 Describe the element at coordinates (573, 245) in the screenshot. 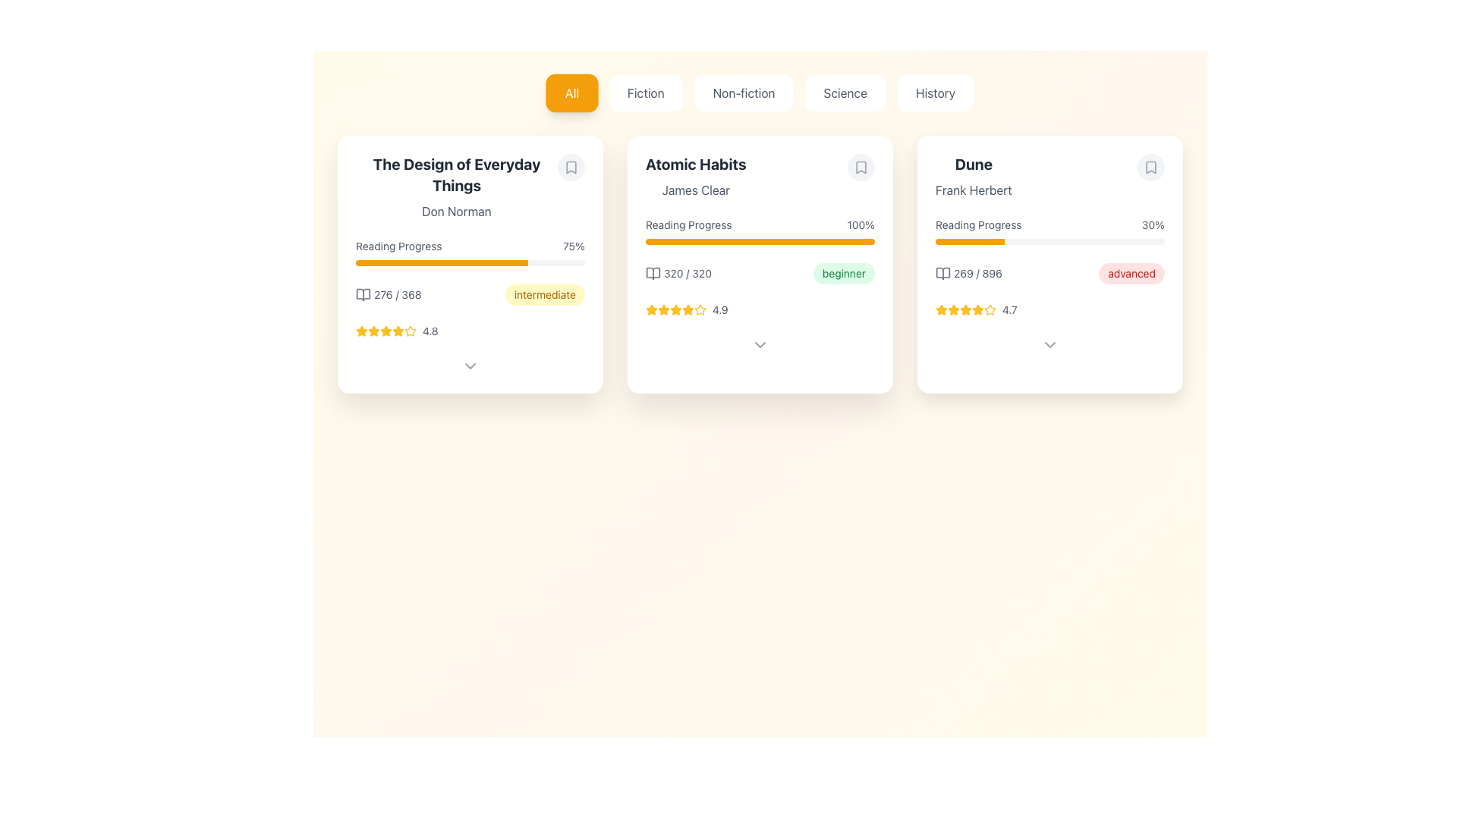

I see `text label displaying the current reading progress percentage, which is located to the right of the 'Reading Progress' text in the card titled 'The Design of Everyday Things'` at that location.